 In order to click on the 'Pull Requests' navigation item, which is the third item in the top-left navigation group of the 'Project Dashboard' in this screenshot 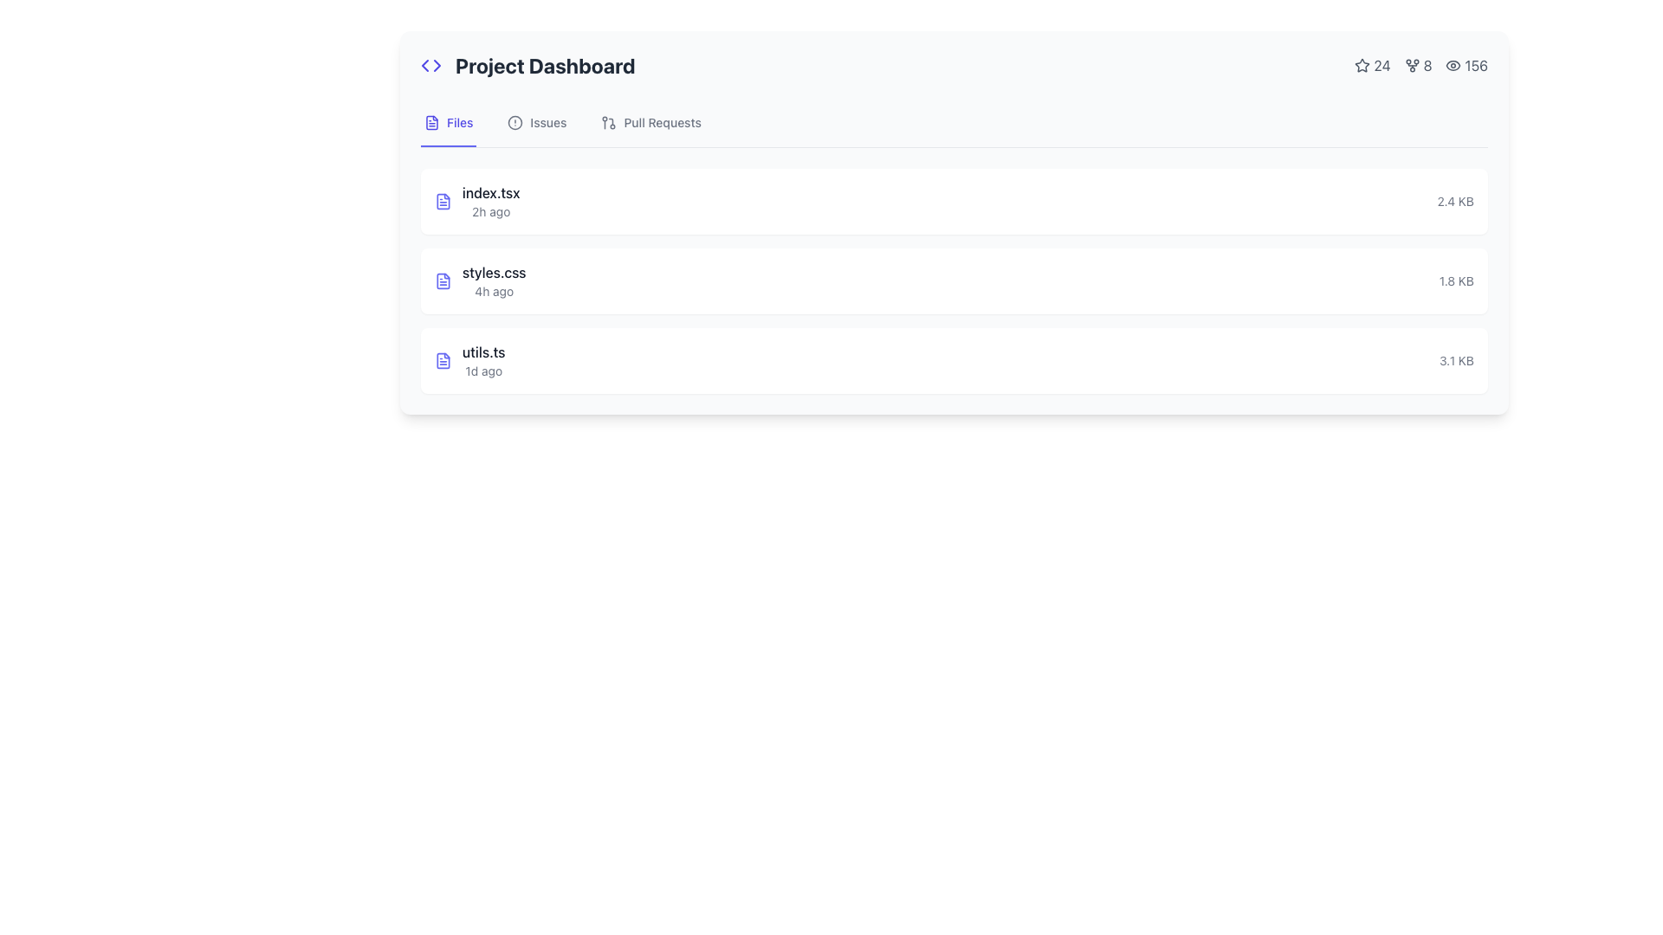, I will do `click(650, 122)`.